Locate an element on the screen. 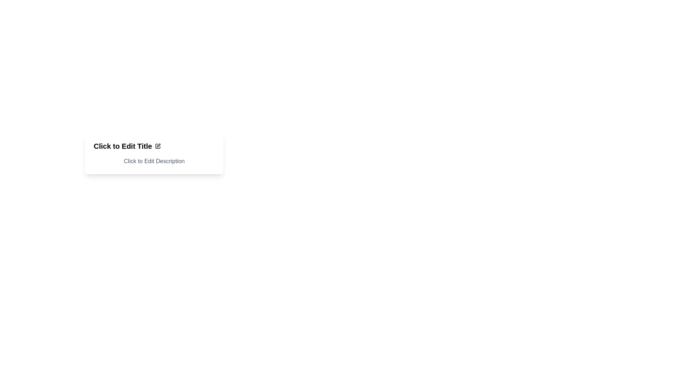 This screenshot has width=692, height=389. the edit icon, styled as a square with a pen overlay, located immediately to the right of the 'Click to Edit Title' text is located at coordinates (157, 146).